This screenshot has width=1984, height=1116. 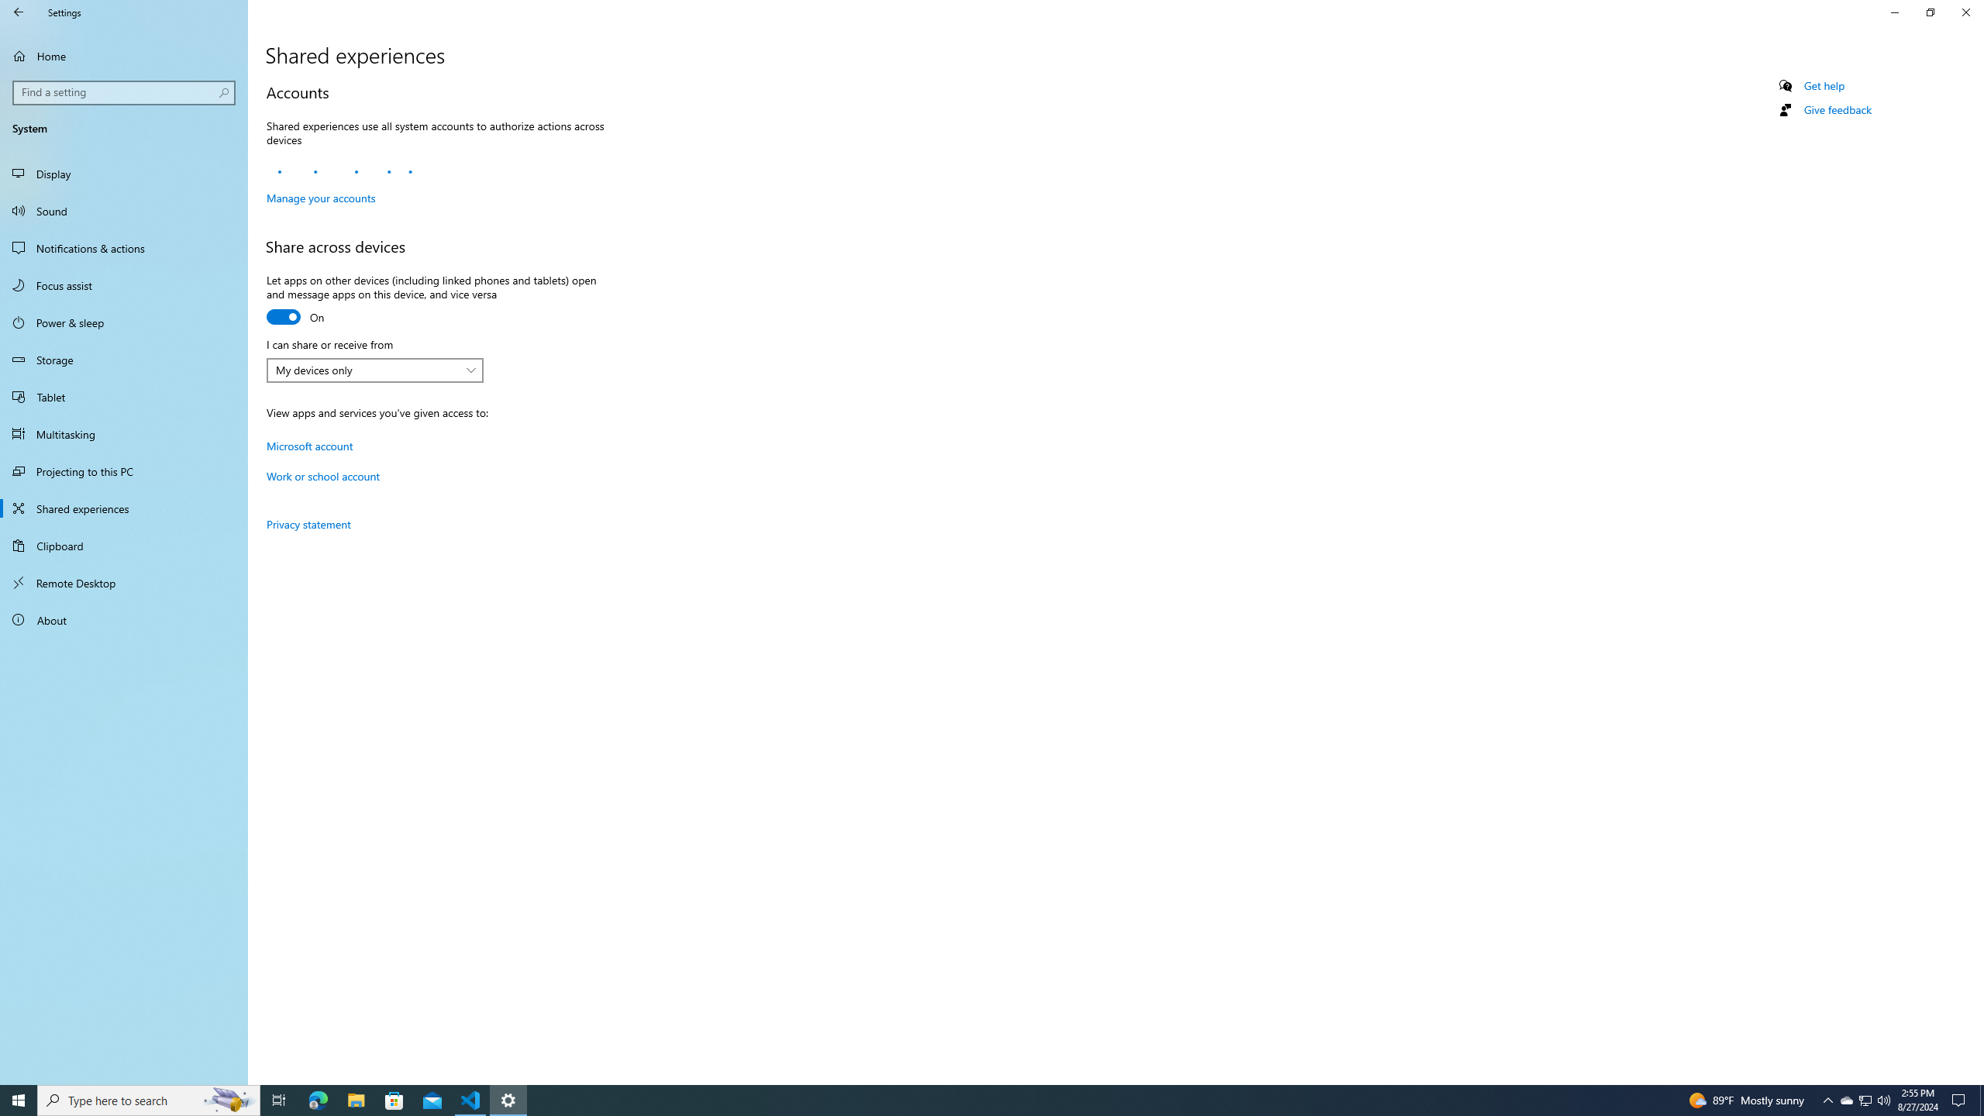 I want to click on 'Privacy statement', so click(x=308, y=523).